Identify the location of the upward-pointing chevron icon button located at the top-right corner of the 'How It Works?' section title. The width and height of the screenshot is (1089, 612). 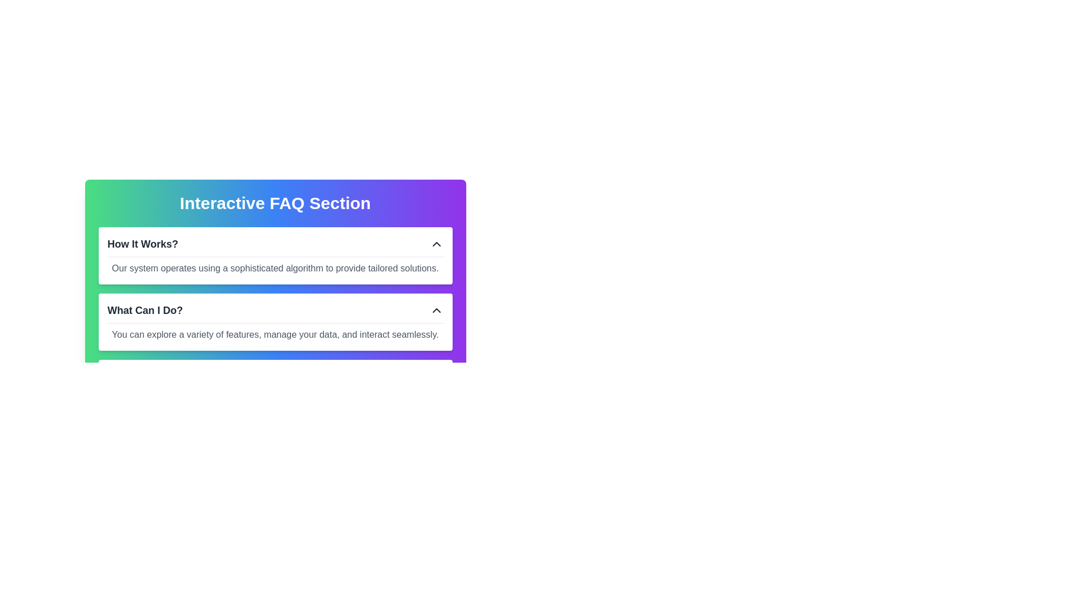
(436, 244).